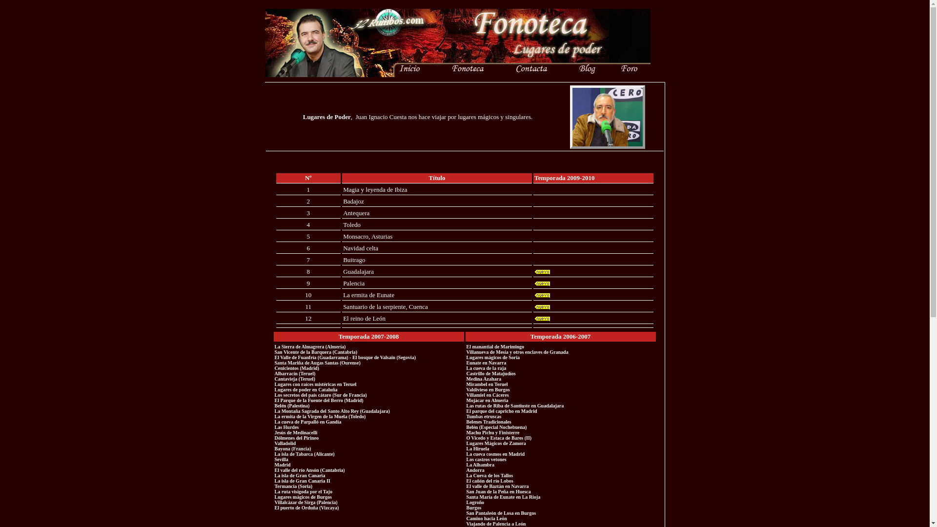 This screenshot has height=527, width=937. What do you see at coordinates (466, 405) in the screenshot?
I see `'Las rutas de Riba de Santiuste en Guadalajara'` at bounding box center [466, 405].